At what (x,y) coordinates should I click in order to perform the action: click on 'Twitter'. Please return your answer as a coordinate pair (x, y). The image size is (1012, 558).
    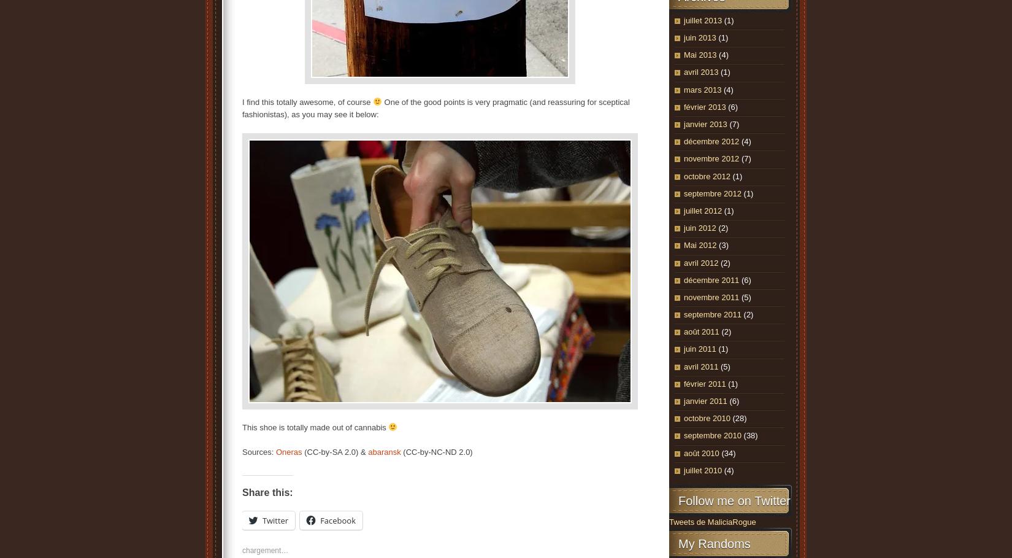
    Looking at the image, I should click on (274, 519).